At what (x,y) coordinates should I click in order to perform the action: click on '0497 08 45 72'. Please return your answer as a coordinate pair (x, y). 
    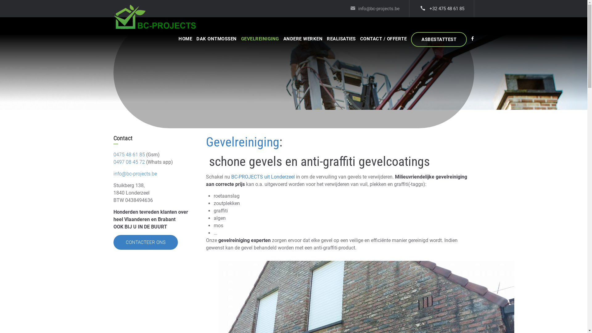
    Looking at the image, I should click on (129, 162).